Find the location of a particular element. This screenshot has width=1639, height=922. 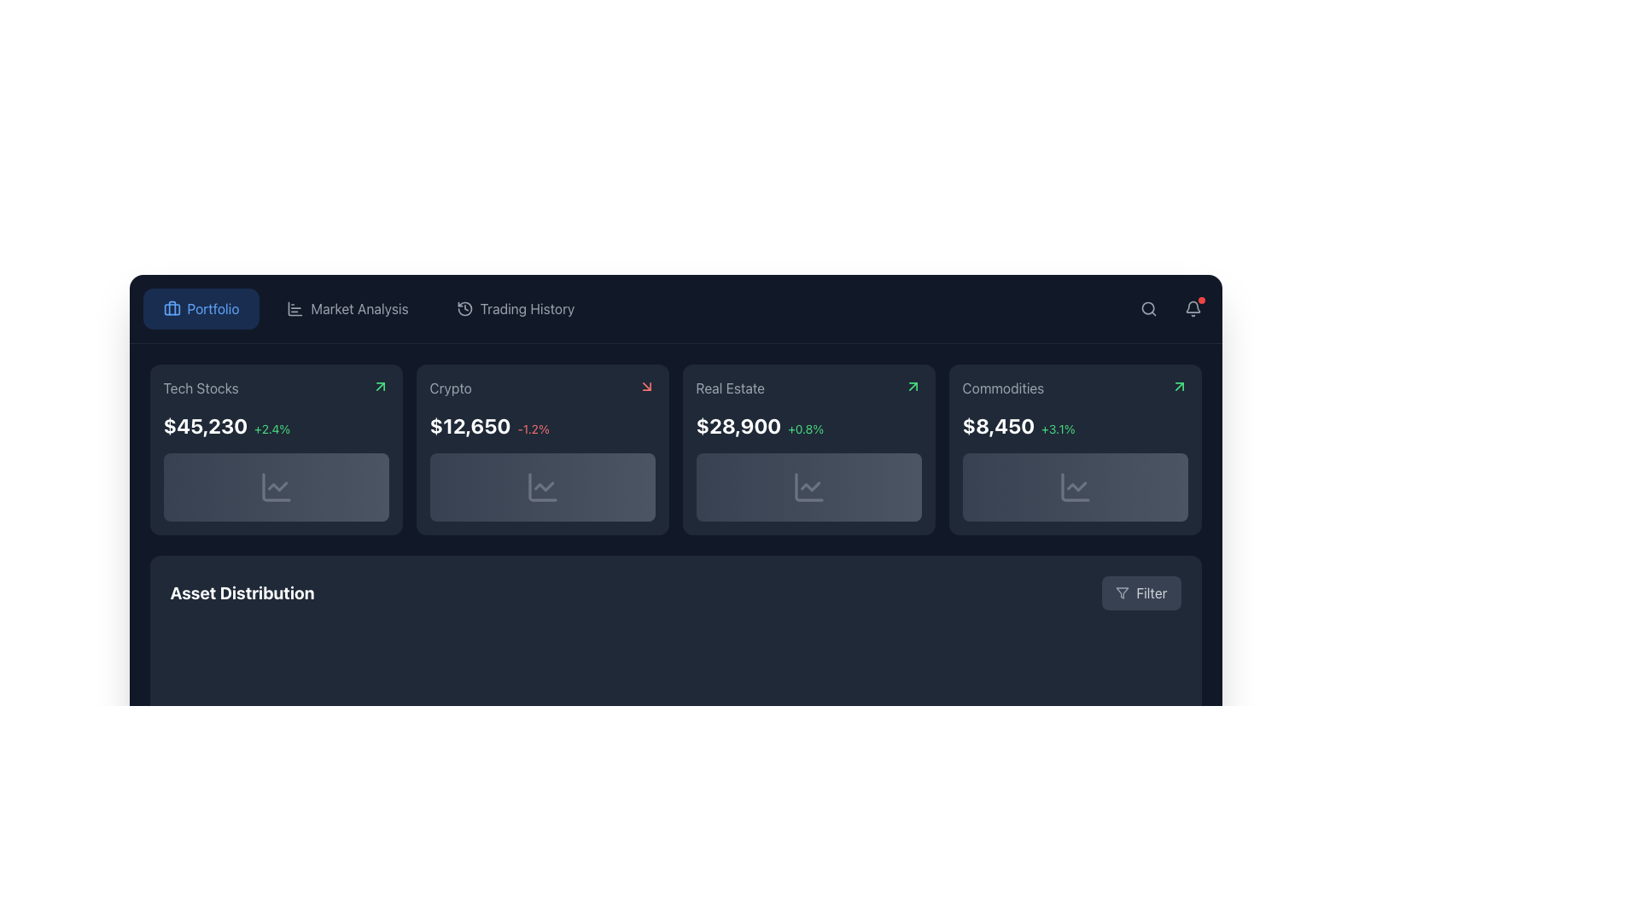

text label displaying 'Portfolio' in blue font, which is part of a button-like structure adjacent to a briefcase icon, to understand the button's purpose is located at coordinates (212, 309).